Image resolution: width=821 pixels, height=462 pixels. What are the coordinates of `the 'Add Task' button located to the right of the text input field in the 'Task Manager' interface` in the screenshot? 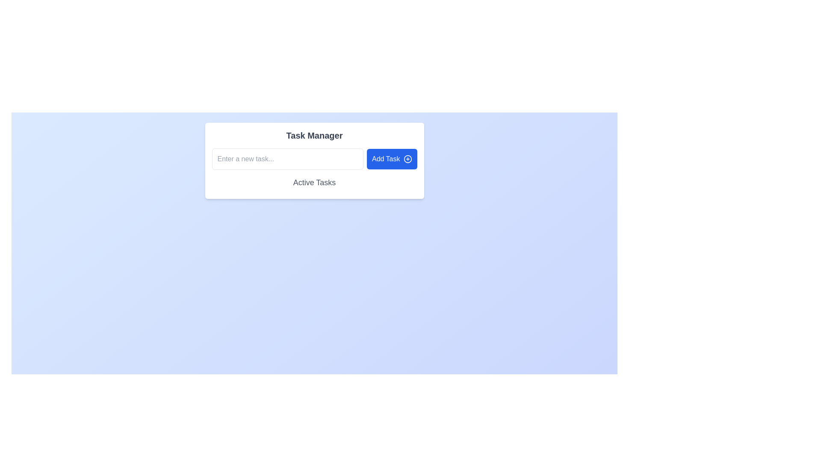 It's located at (391, 159).